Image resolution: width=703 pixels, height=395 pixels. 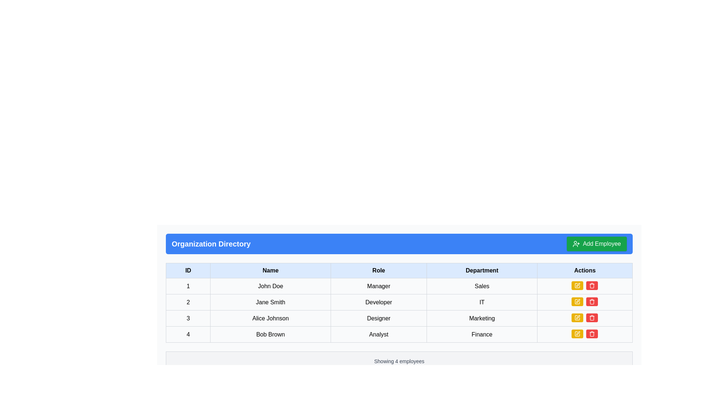 What do you see at coordinates (399, 361) in the screenshot?
I see `the status indicator text box at the bottom of the organization directory table` at bounding box center [399, 361].